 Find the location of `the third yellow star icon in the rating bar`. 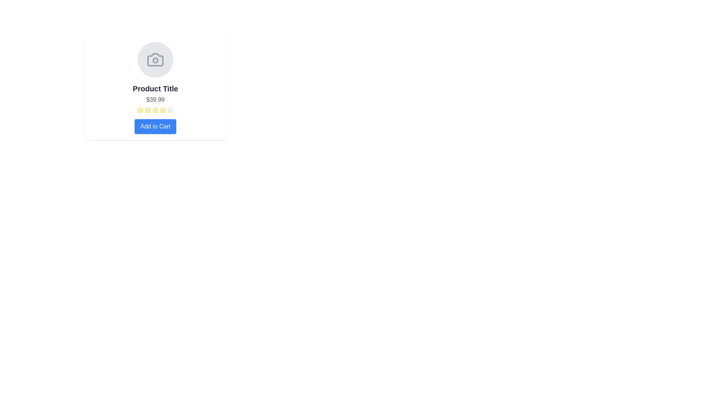

the third yellow star icon in the rating bar is located at coordinates (162, 110).